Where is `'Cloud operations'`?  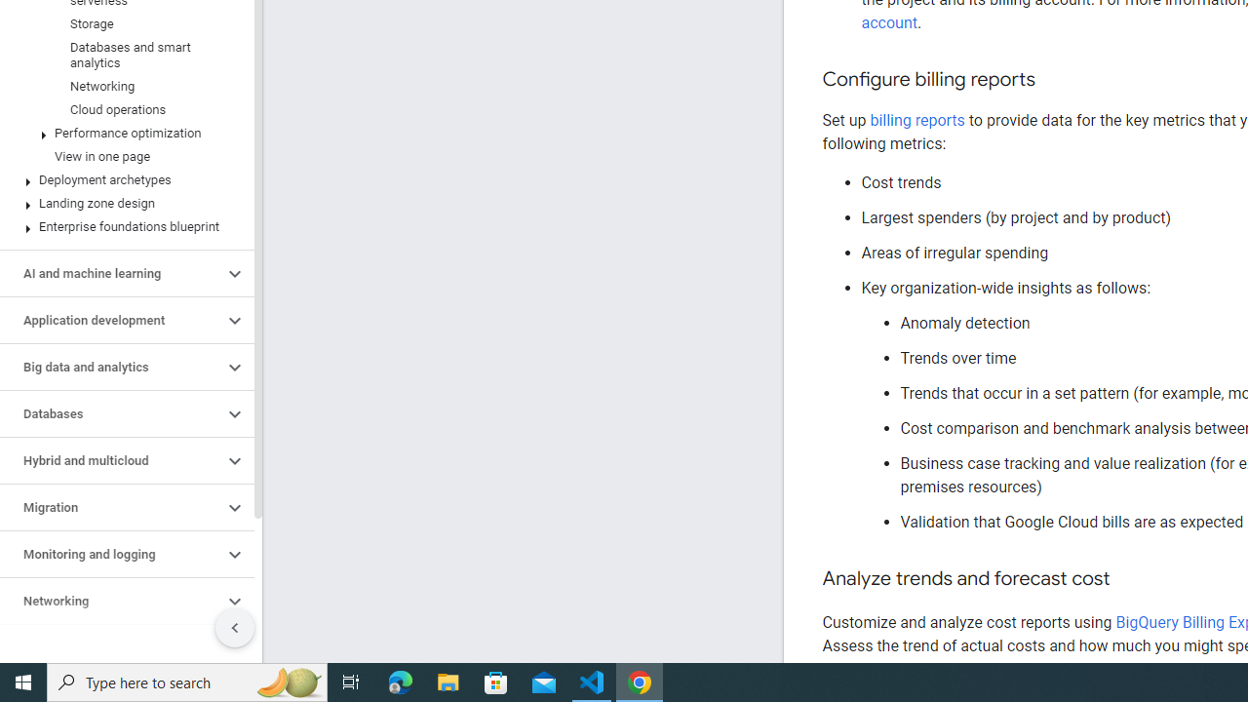
'Cloud operations' is located at coordinates (122, 110).